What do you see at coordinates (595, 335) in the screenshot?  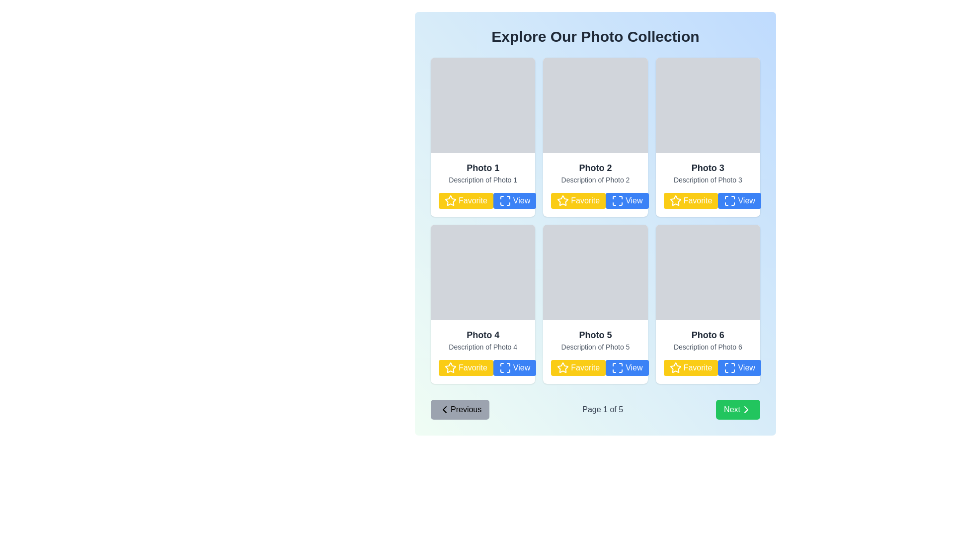 I see `the text label displaying 'Photo 5', which is prominently located in the second row and second column of the photo information card grid layout` at bounding box center [595, 335].